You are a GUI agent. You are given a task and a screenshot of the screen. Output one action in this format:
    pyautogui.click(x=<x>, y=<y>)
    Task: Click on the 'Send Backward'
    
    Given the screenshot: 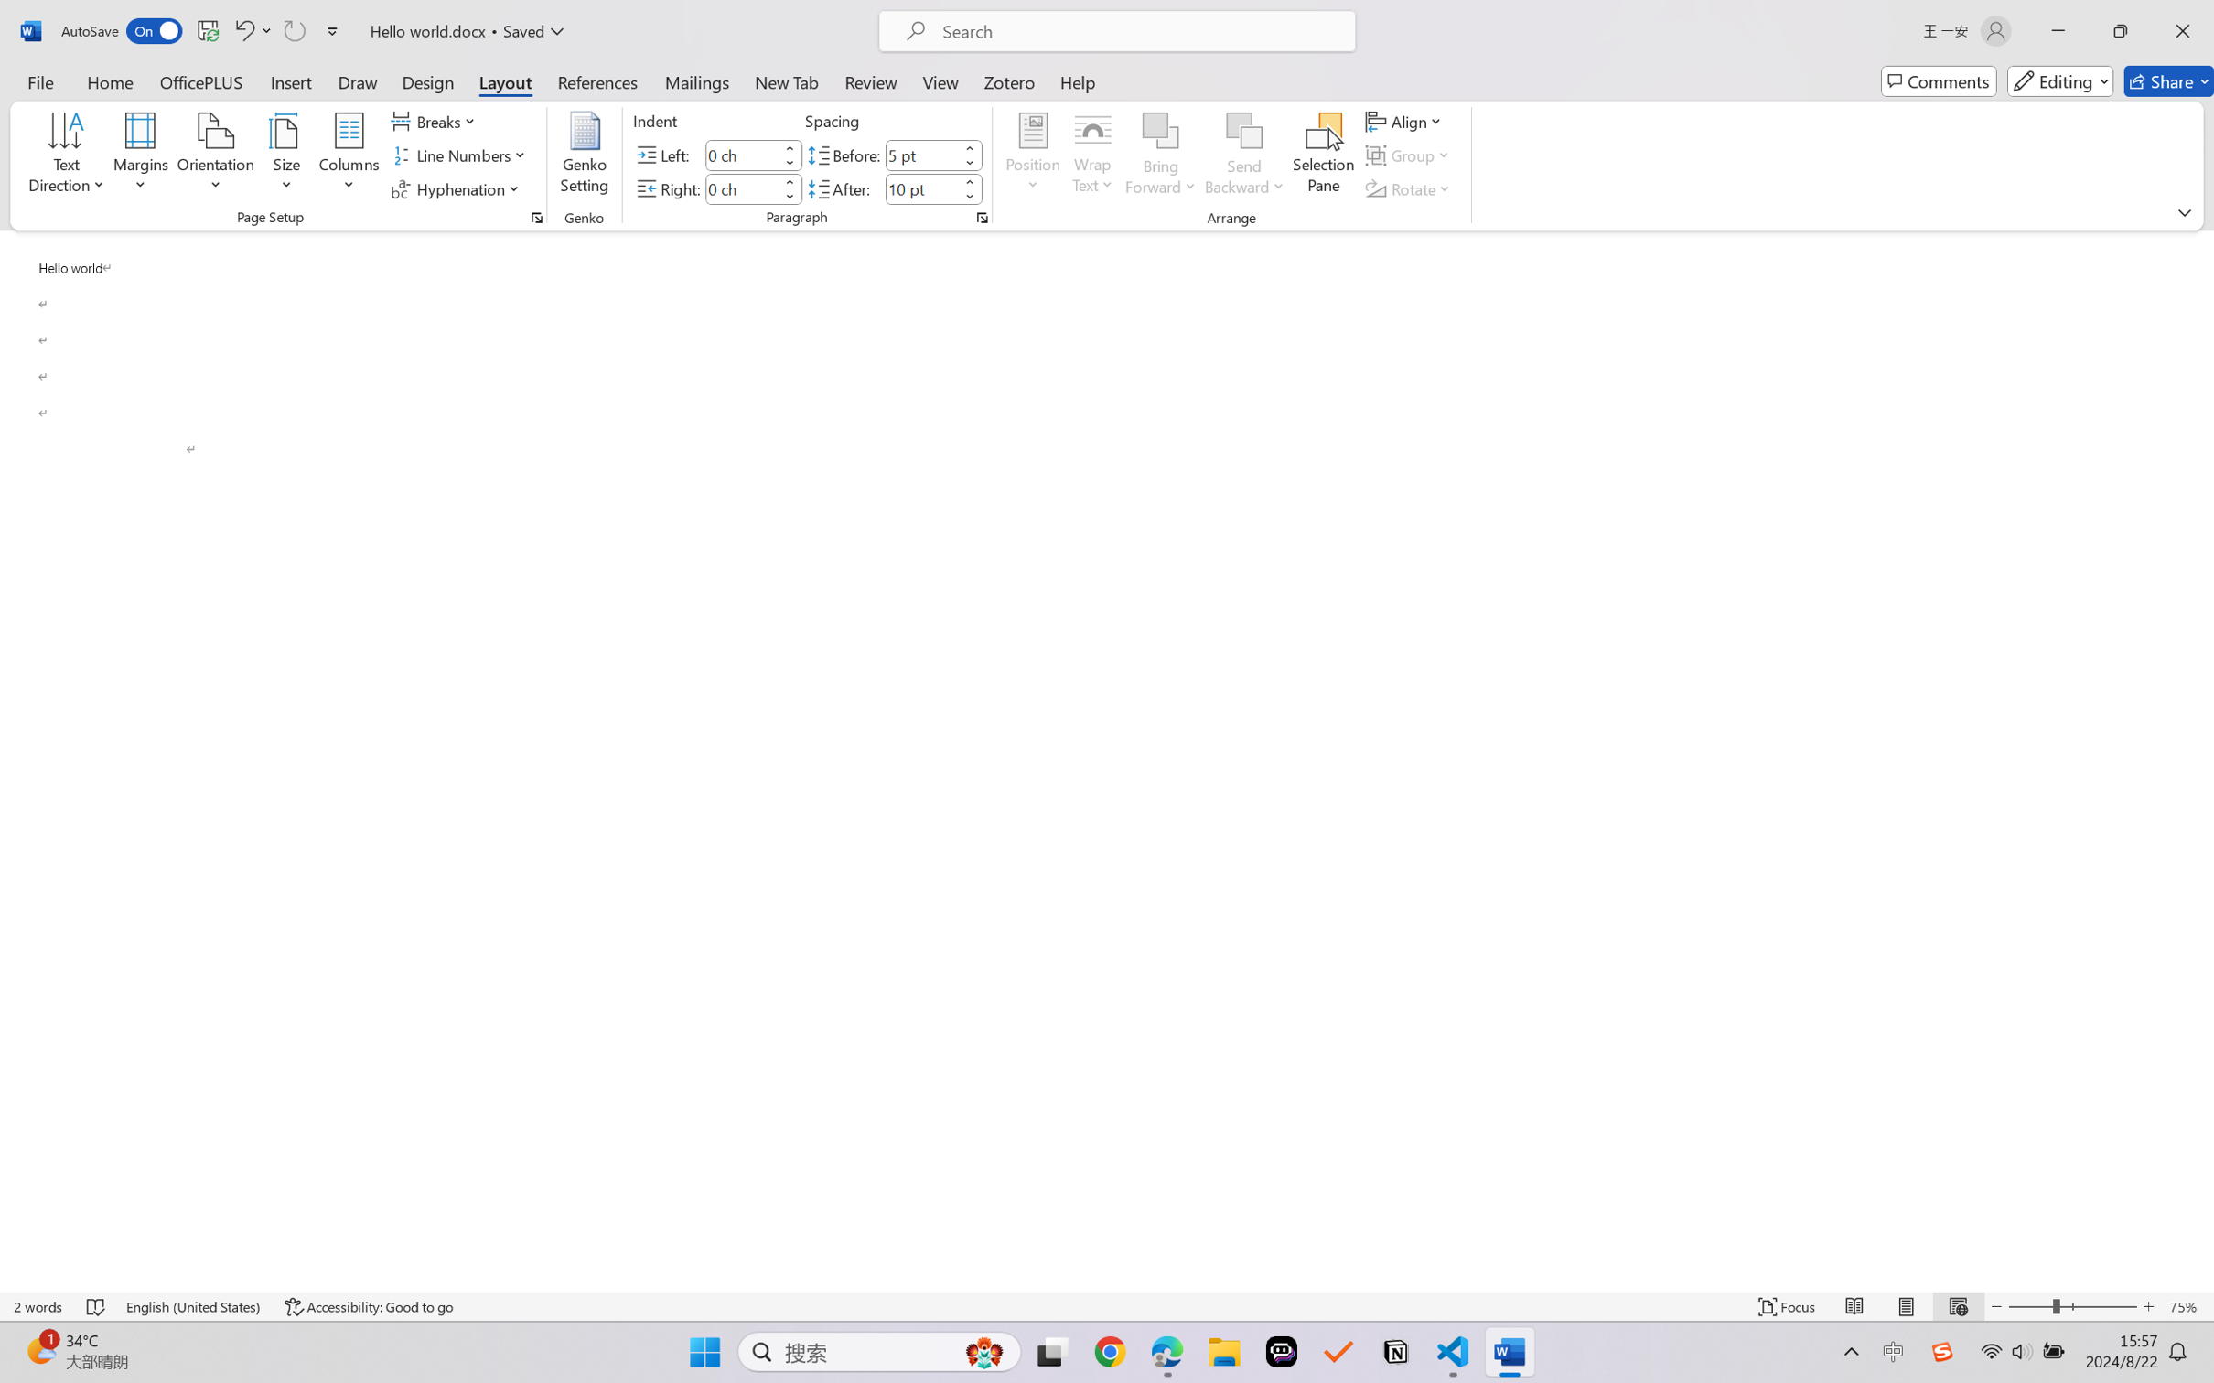 What is the action you would take?
    pyautogui.click(x=1244, y=131)
    